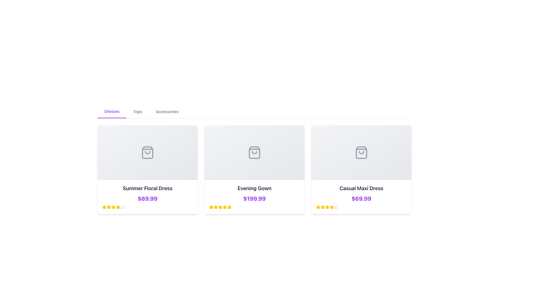  Describe the element at coordinates (229, 207) in the screenshot. I see `the rating represented by the fifth star icon, which is styled with a yellow fill and border, located below the price of the middle product card in the rating interface` at that location.